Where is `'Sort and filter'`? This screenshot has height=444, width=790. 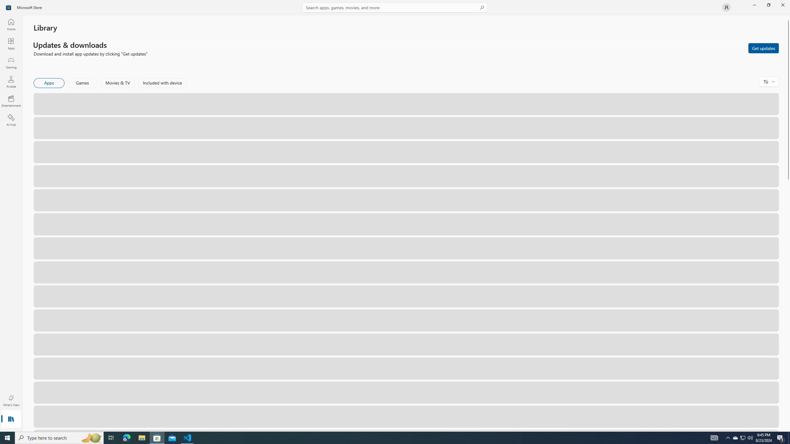 'Sort and filter' is located at coordinates (769, 81).